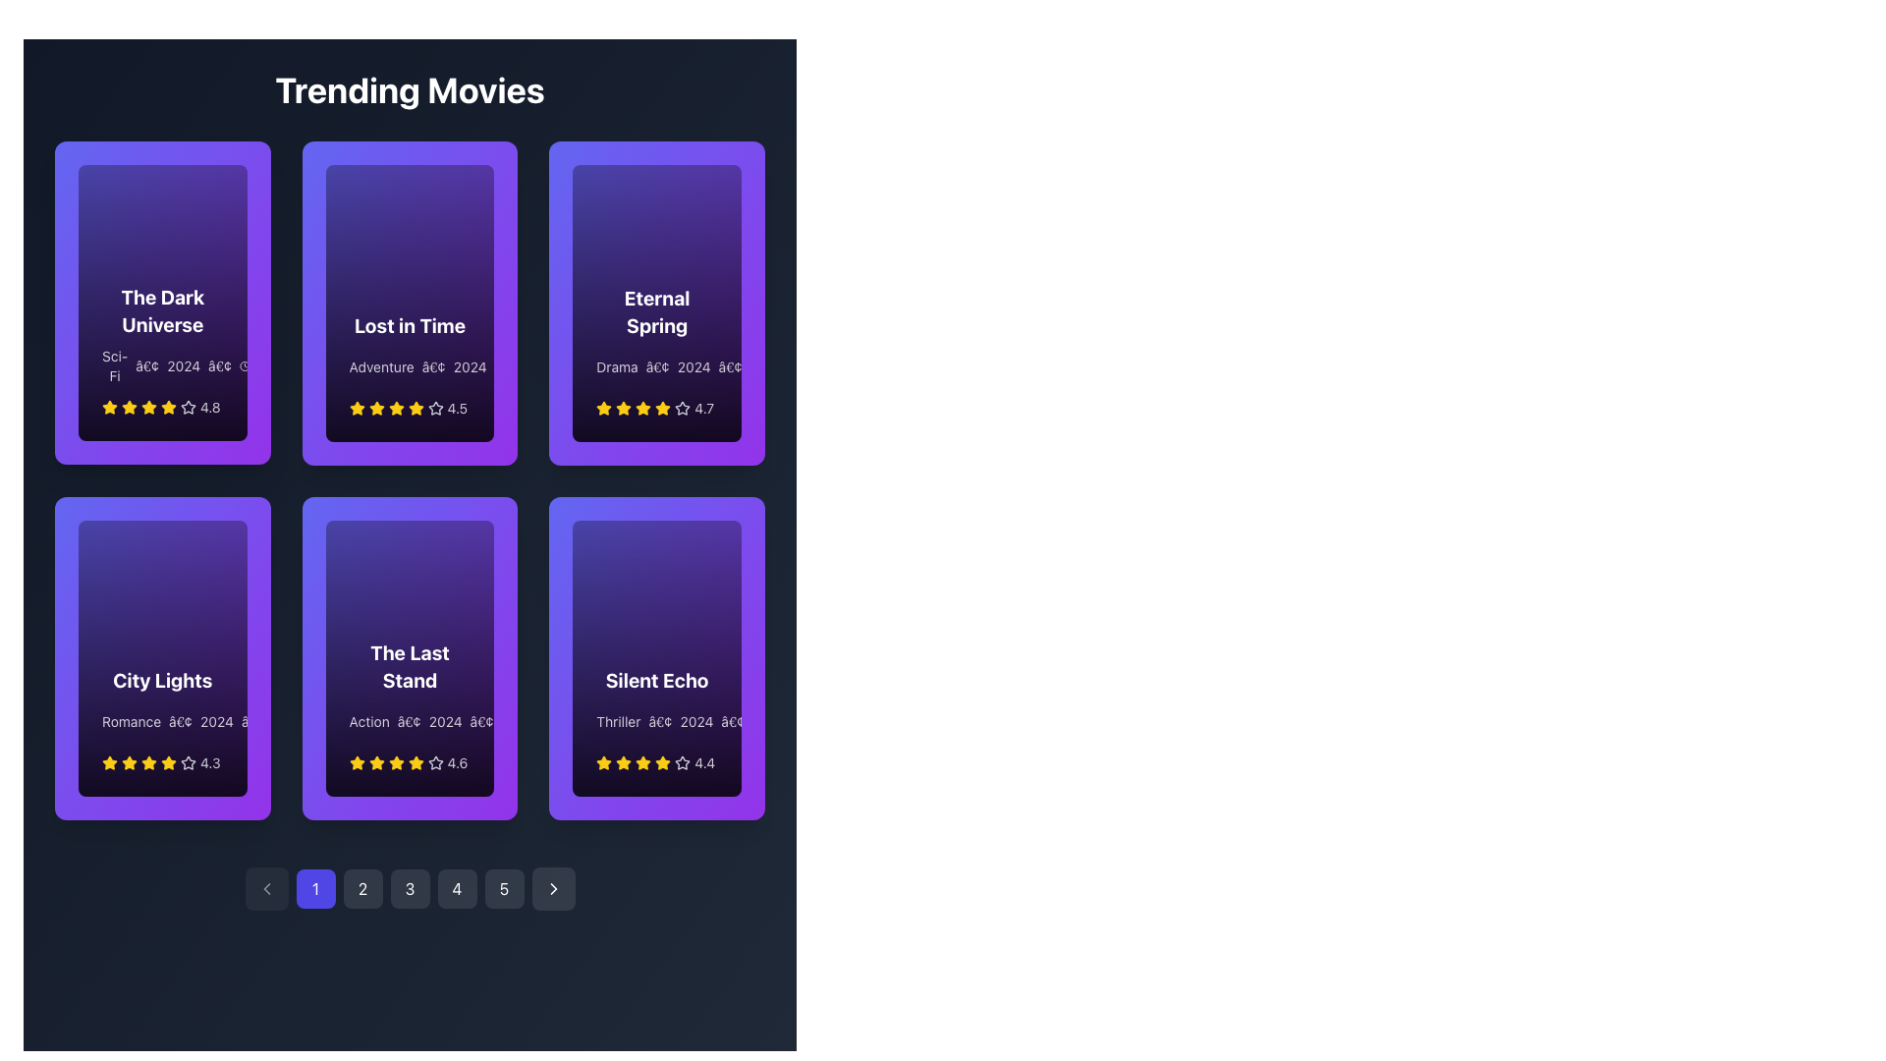  I want to click on the label displaying 'Drama' in white text on a dark background, located in the middle row of the 'Eternal Spring' card, so click(616, 366).